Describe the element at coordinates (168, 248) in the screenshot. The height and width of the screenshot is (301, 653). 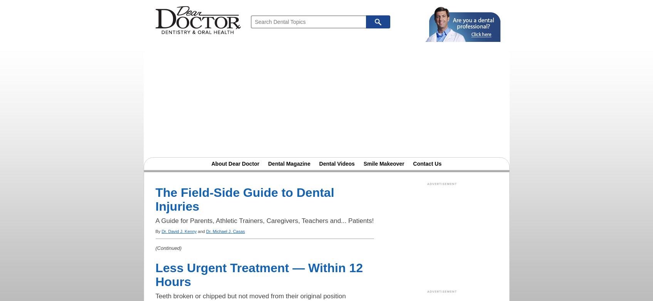
I see `'(Continued)'` at that location.